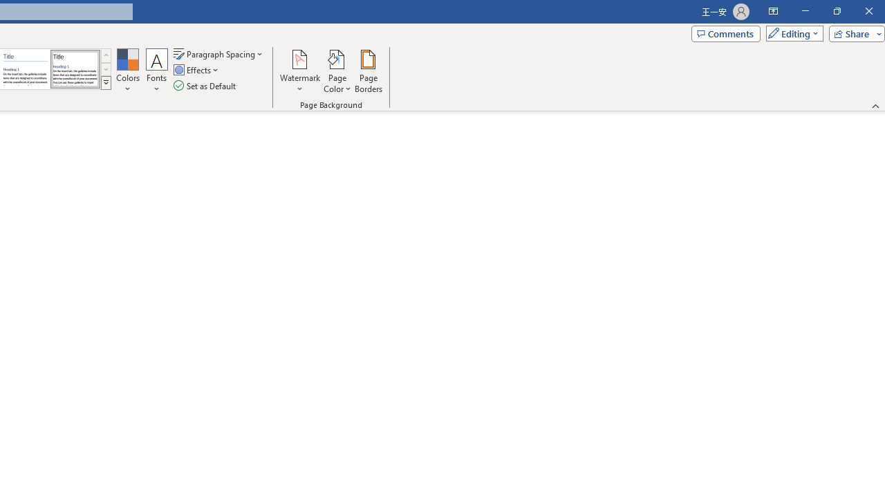  I want to click on 'Page Borders...', so click(369, 71).